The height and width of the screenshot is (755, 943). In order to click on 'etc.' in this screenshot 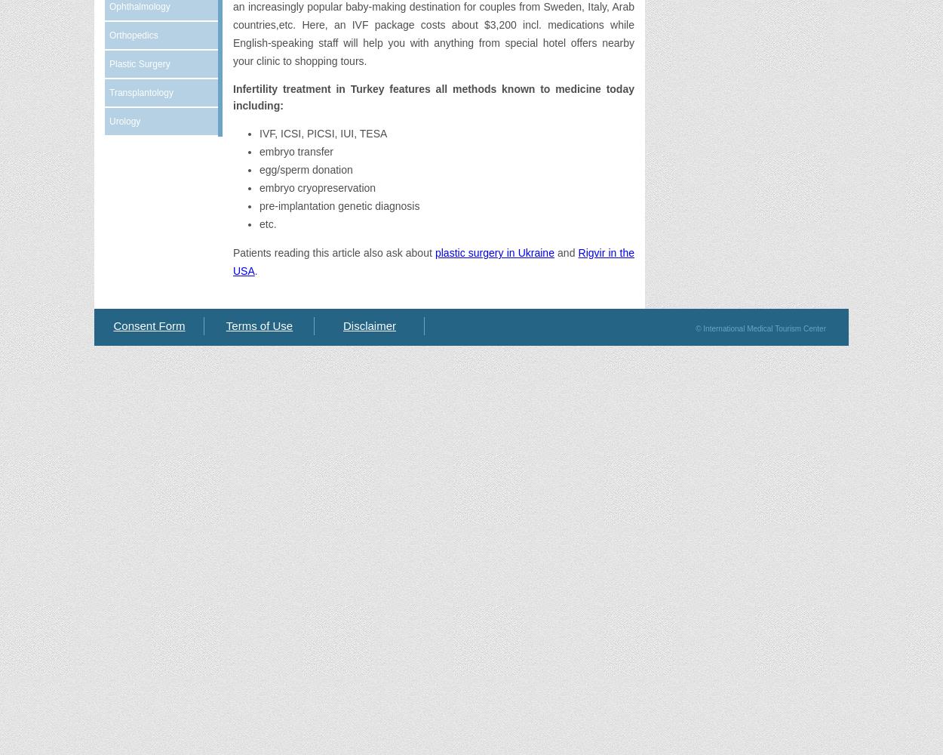, I will do `click(266, 224)`.